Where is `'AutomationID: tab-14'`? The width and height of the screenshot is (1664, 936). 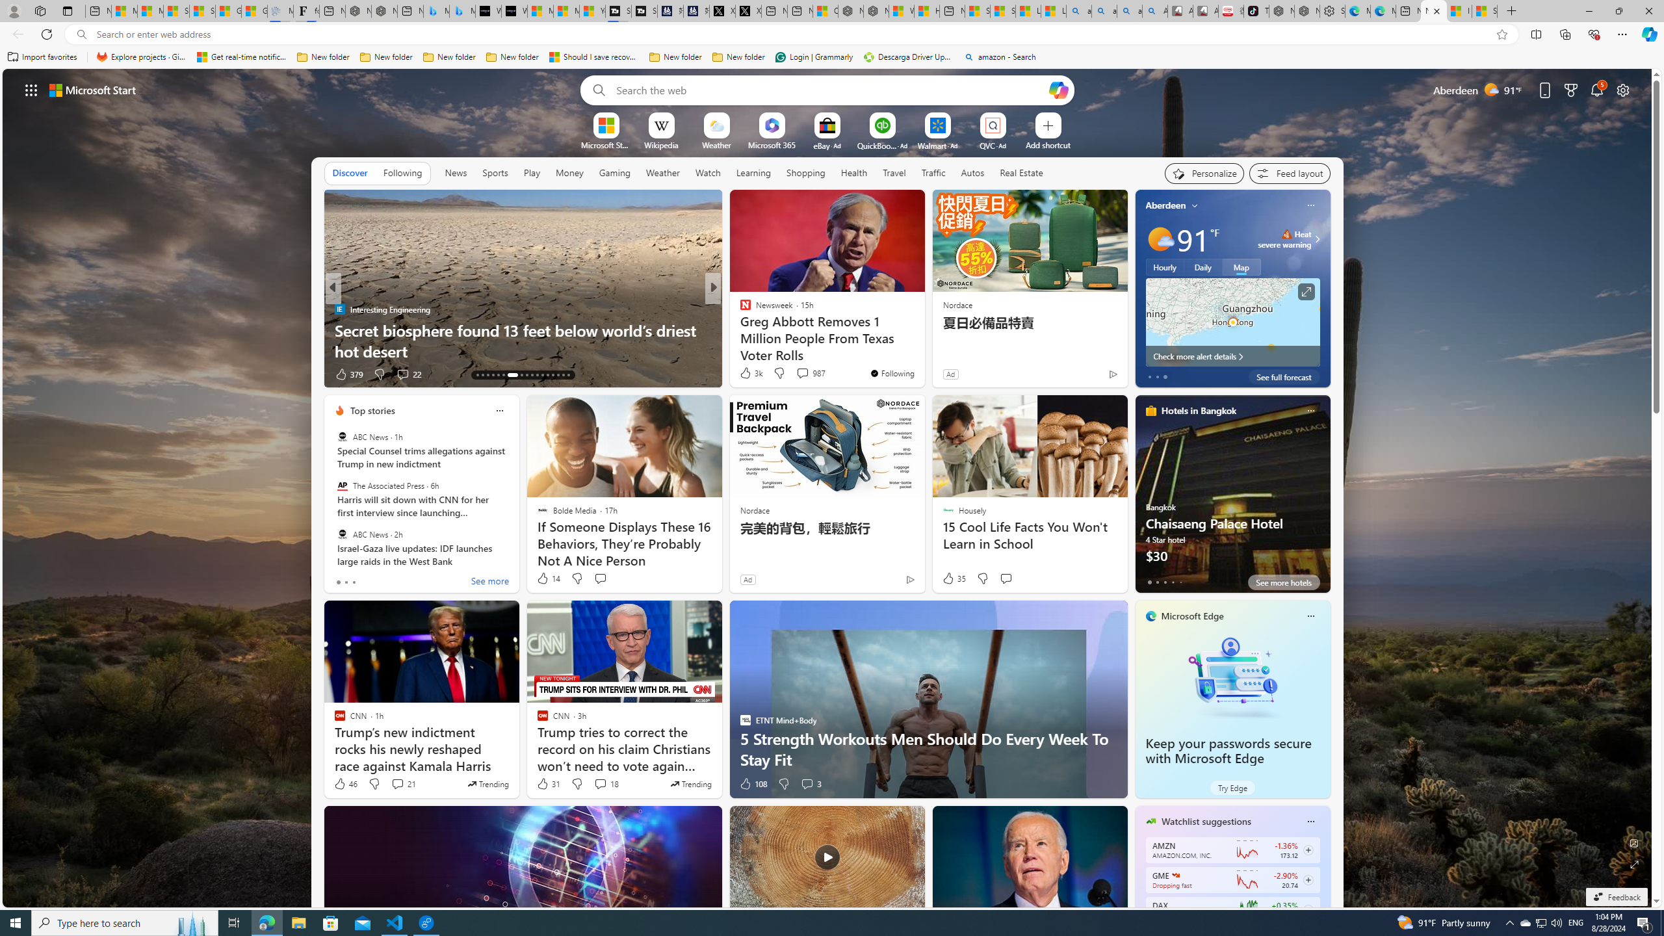 'AutomationID: tab-14' is located at coordinates (482, 375).